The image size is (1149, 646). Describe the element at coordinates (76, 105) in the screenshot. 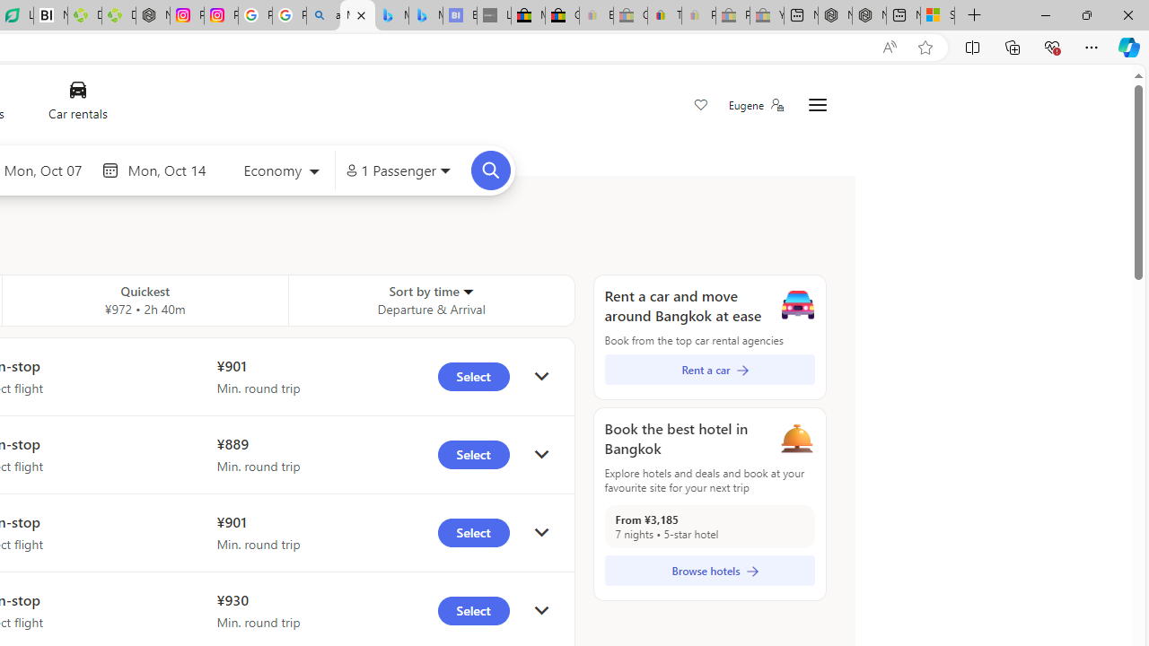

I see `'Car rentals'` at that location.